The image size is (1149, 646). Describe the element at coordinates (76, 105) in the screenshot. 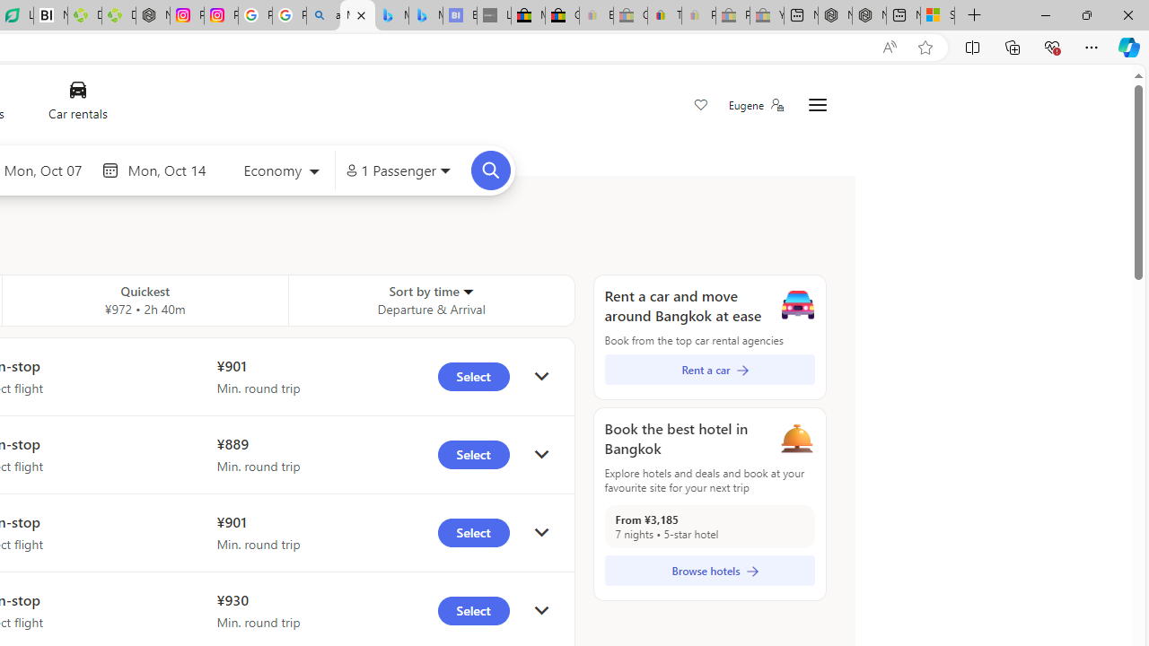

I see `'Car rentals'` at that location.